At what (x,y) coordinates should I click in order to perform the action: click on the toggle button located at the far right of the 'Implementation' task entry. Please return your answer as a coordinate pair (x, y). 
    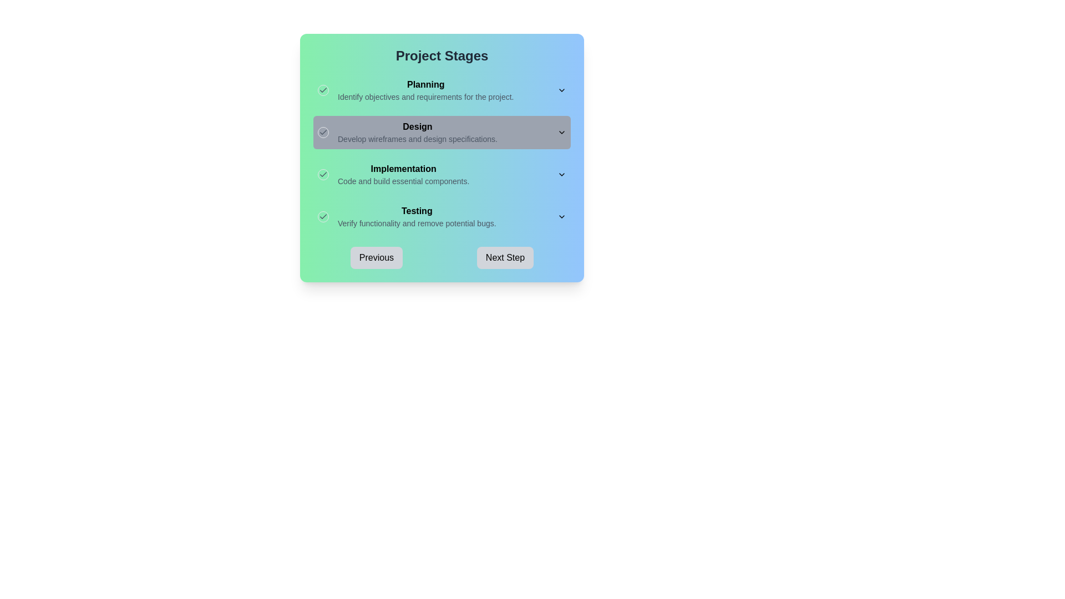
    Looking at the image, I should click on (561, 175).